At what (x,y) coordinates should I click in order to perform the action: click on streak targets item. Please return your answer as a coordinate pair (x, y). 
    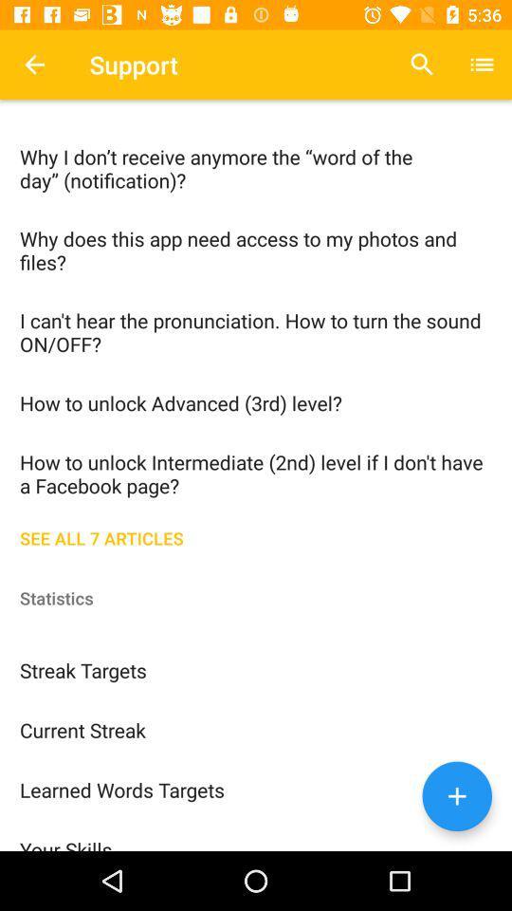
    Looking at the image, I should click on (256, 669).